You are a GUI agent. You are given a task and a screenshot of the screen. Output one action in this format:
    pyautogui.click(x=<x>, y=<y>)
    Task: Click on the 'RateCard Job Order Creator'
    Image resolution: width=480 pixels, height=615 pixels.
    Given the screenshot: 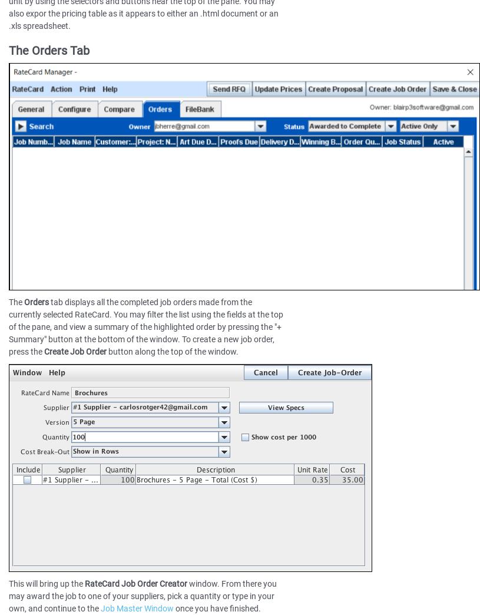 What is the action you would take?
    pyautogui.click(x=85, y=583)
    